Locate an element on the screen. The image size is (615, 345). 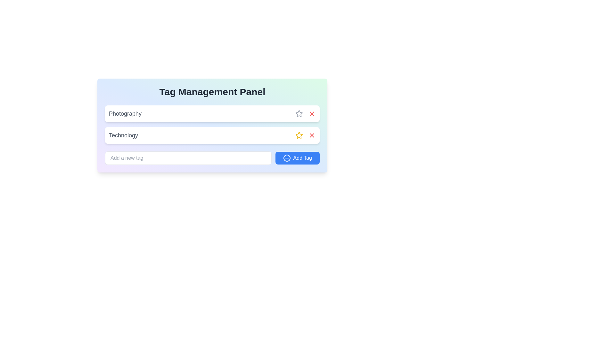
the 'X' icon button used for deleting the 'Technology' tag in the Tag Management Panel is located at coordinates (312, 135).